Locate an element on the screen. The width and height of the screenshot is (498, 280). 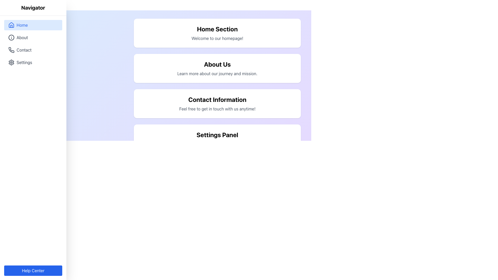
the 'Contact' icon in the sidebar menu is located at coordinates (11, 50).